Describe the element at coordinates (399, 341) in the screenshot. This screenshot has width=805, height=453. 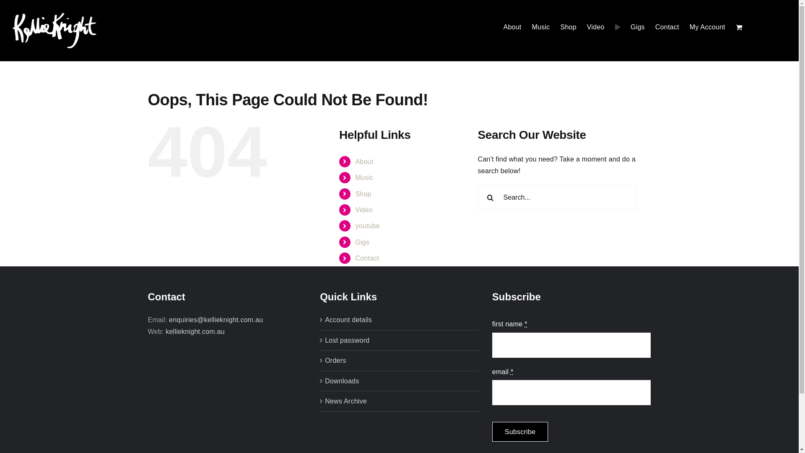
I see `'Lost password'` at that location.